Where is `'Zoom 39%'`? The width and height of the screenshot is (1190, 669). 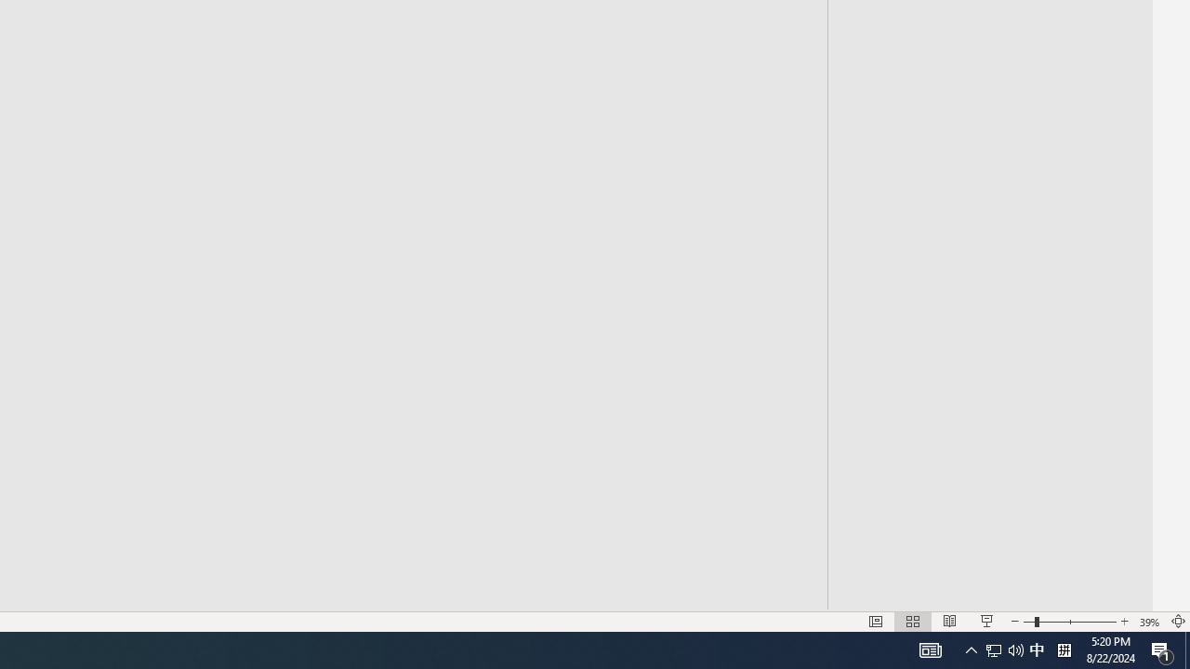 'Zoom 39%' is located at coordinates (1149, 622).